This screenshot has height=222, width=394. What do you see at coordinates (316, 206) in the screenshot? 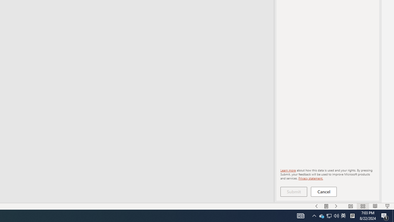
I see `'Slide Show Previous On'` at bounding box center [316, 206].